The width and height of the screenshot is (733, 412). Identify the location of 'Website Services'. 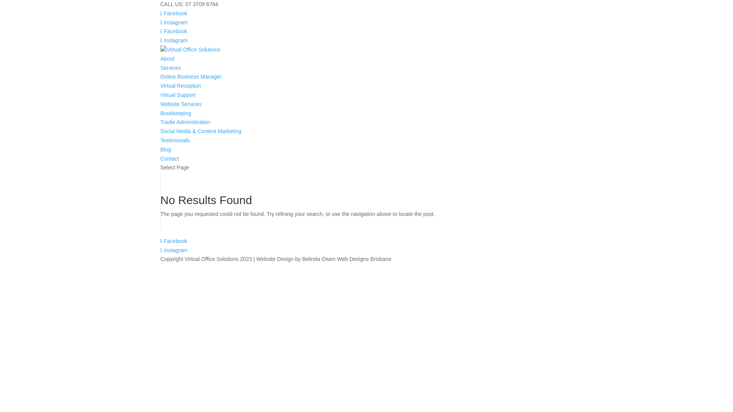
(181, 104).